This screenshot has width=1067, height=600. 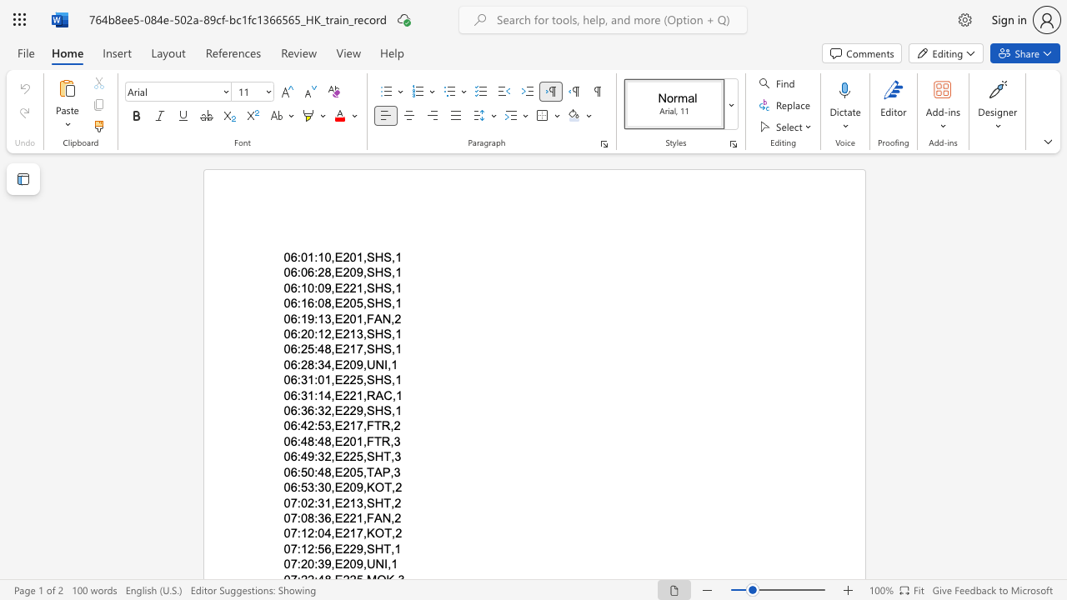 I want to click on the subset text ",E213,S" within the text "06:20:12,E213,SHS,1", so click(x=331, y=334).